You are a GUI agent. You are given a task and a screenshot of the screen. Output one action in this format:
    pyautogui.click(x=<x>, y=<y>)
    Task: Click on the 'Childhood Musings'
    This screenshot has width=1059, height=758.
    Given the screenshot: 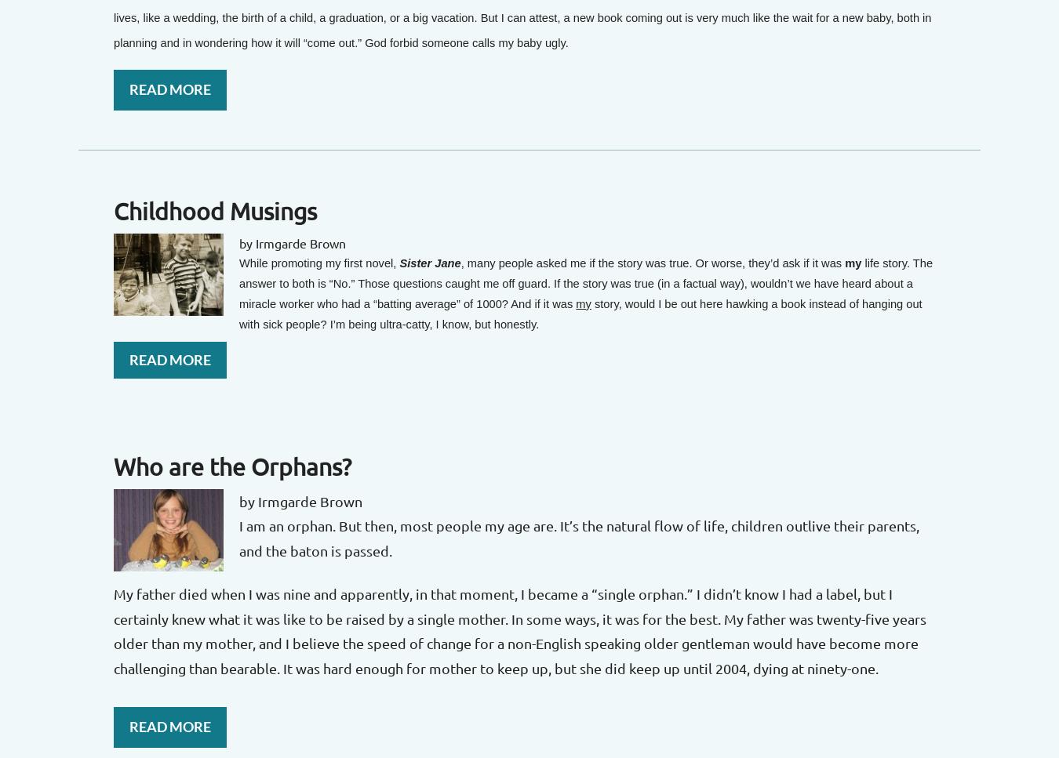 What is the action you would take?
    pyautogui.click(x=214, y=209)
    